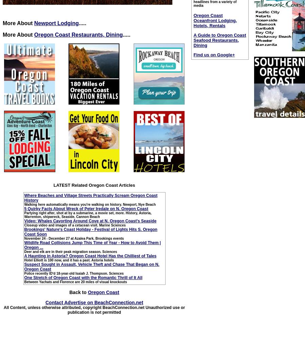 Image resolution: width=305 pixels, height=346 pixels. What do you see at coordinates (92, 245) in the screenshot?
I see `'Wildlife Road Collisions Jump This Time of Year - How to Avoid Them | Oregon ...'` at bounding box center [92, 245].